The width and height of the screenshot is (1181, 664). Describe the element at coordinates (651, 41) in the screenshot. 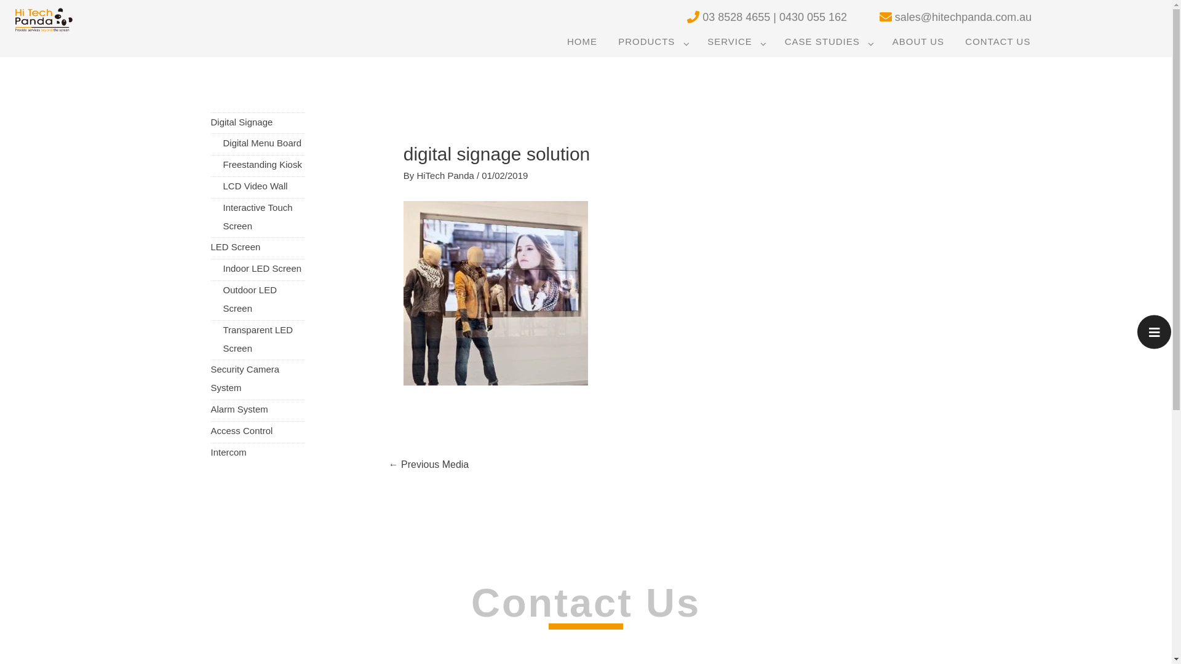

I see `'PRODUCTS'` at that location.